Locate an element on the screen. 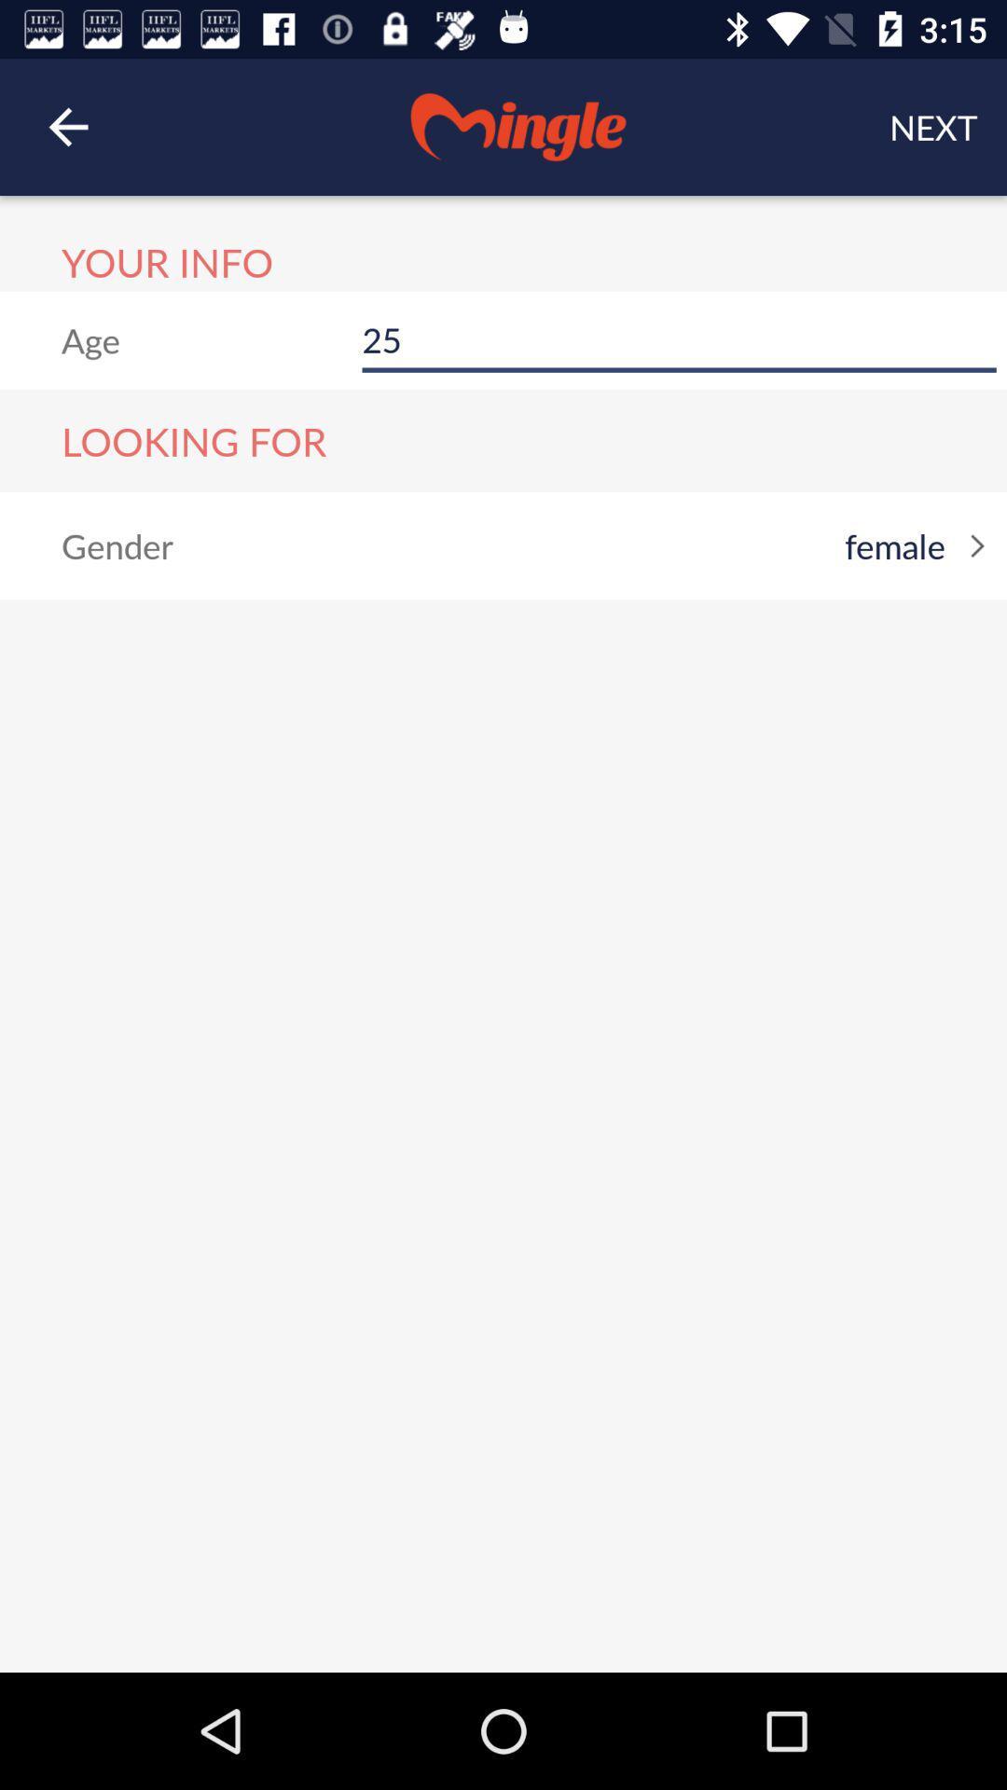  25 is located at coordinates (679, 340).